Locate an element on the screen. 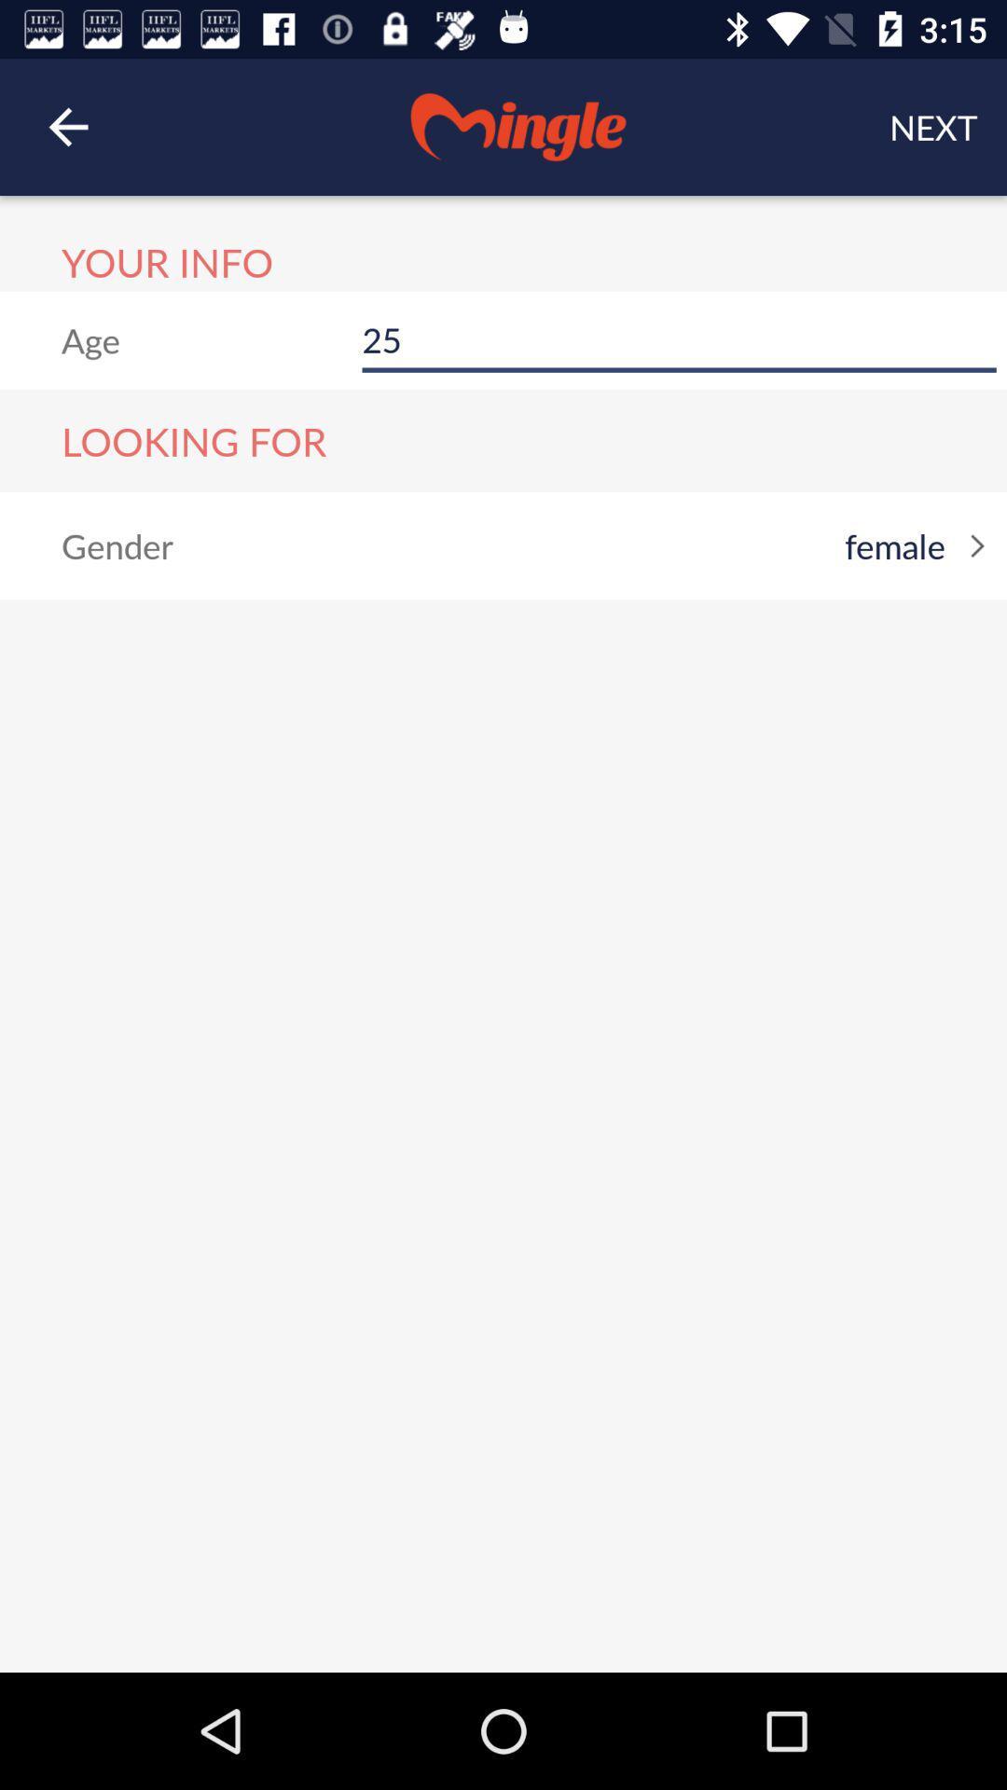  25 is located at coordinates (679, 340).